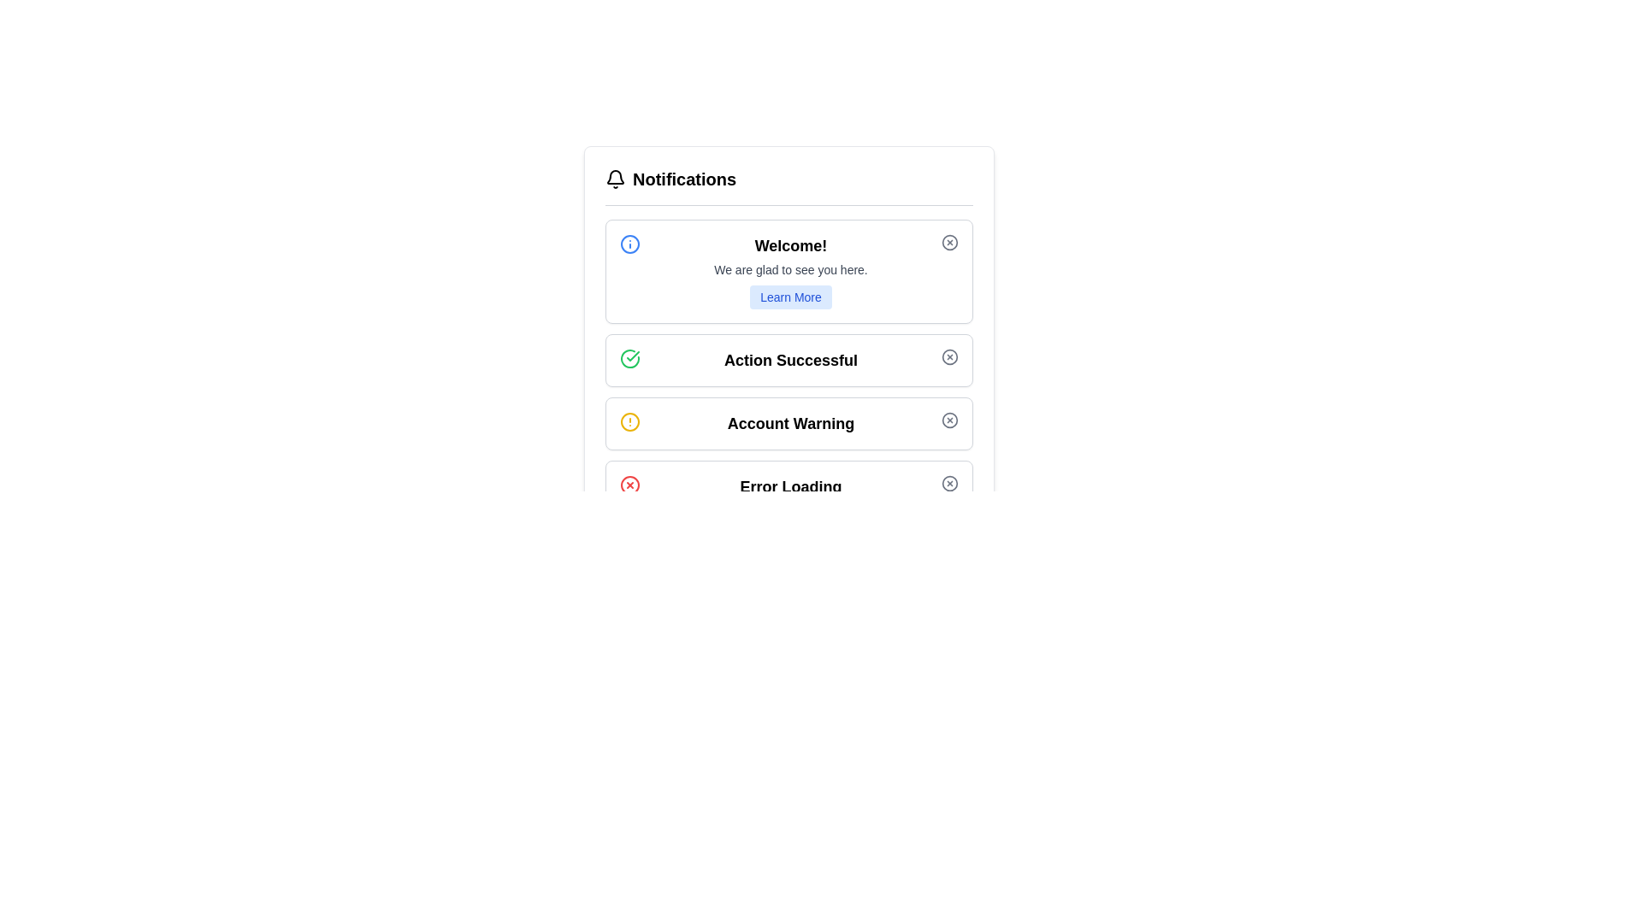  I want to click on the error alert icon located to the left of the 'Error Loading' text in the bottom row of the notification list, so click(629, 485).